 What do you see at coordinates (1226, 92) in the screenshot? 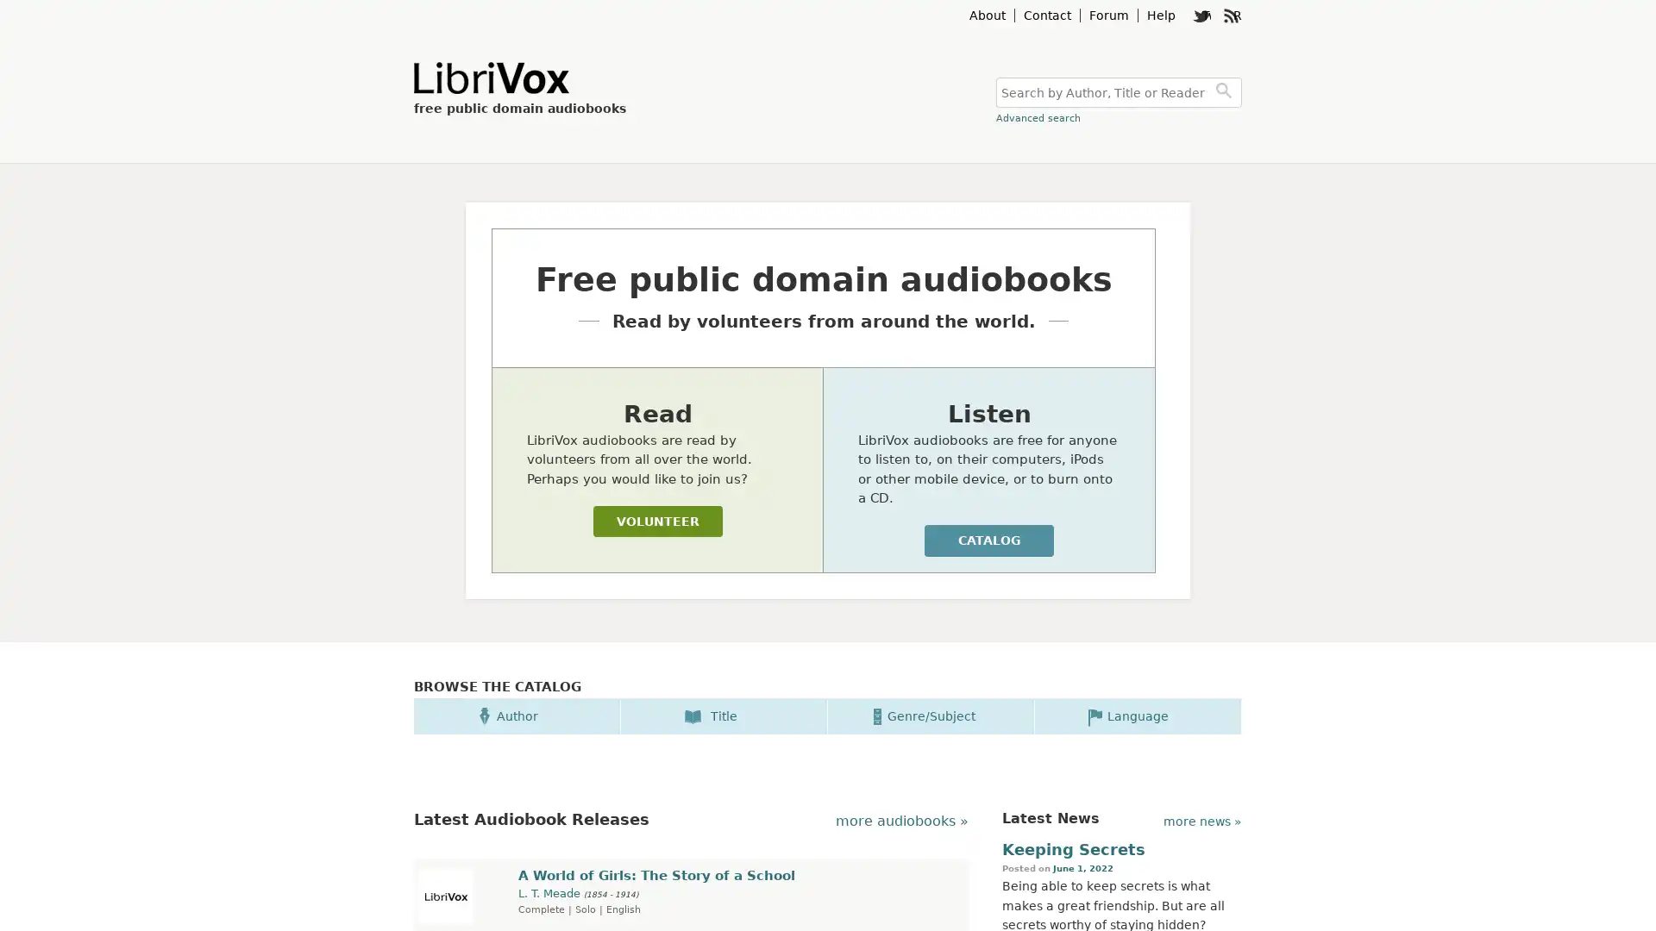
I see `Search` at bounding box center [1226, 92].